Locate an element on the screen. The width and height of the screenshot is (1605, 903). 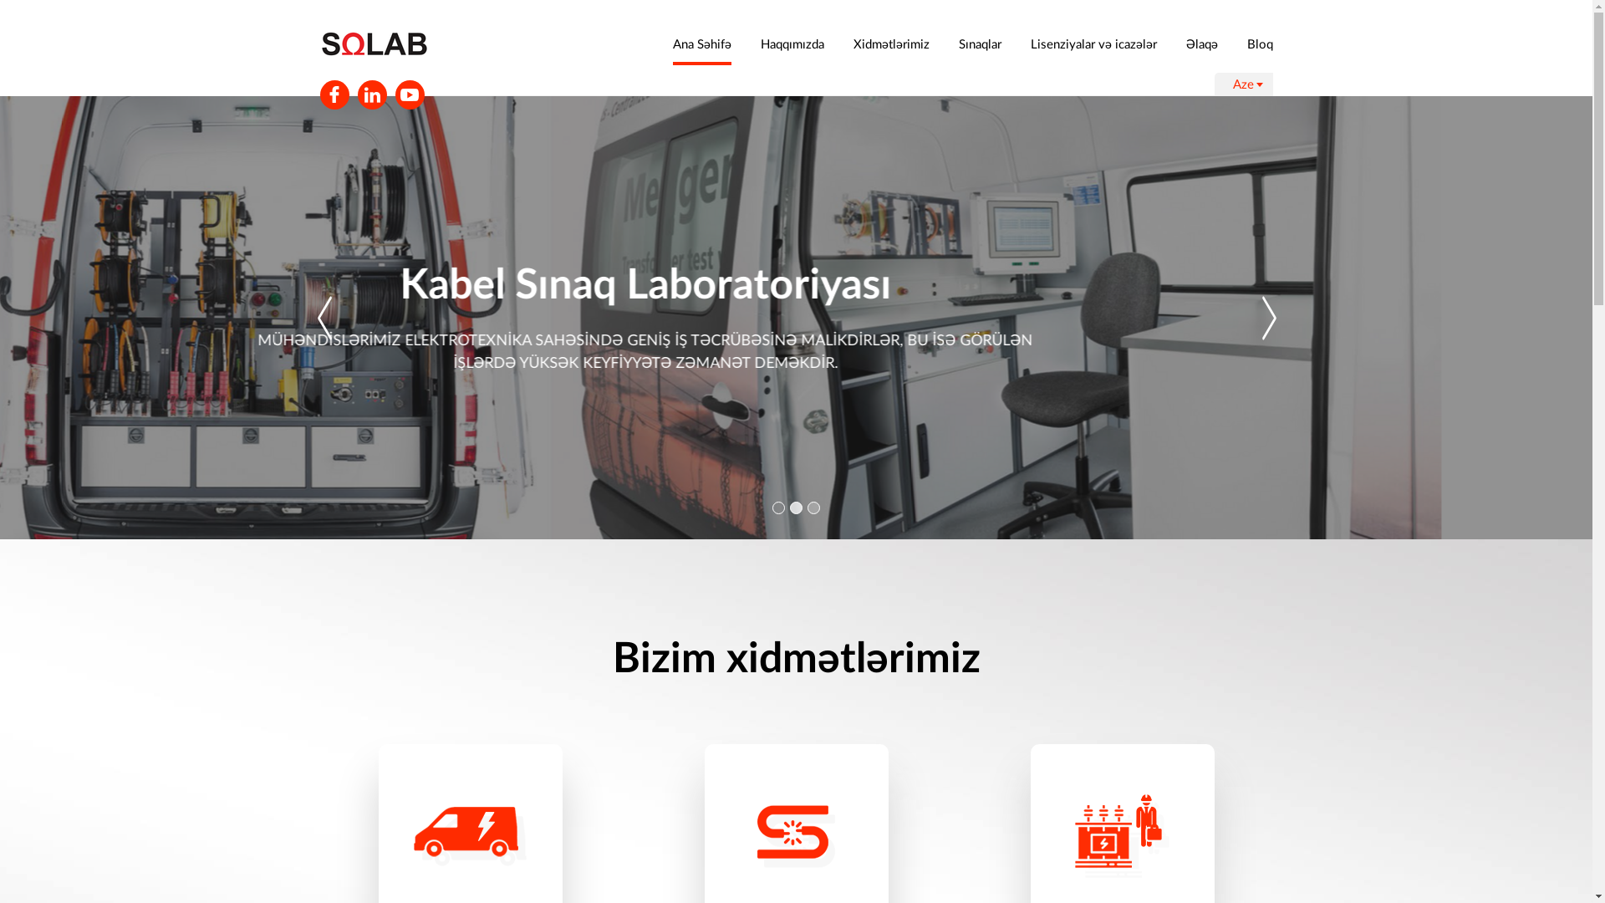
'Bloq' is located at coordinates (1260, 43).